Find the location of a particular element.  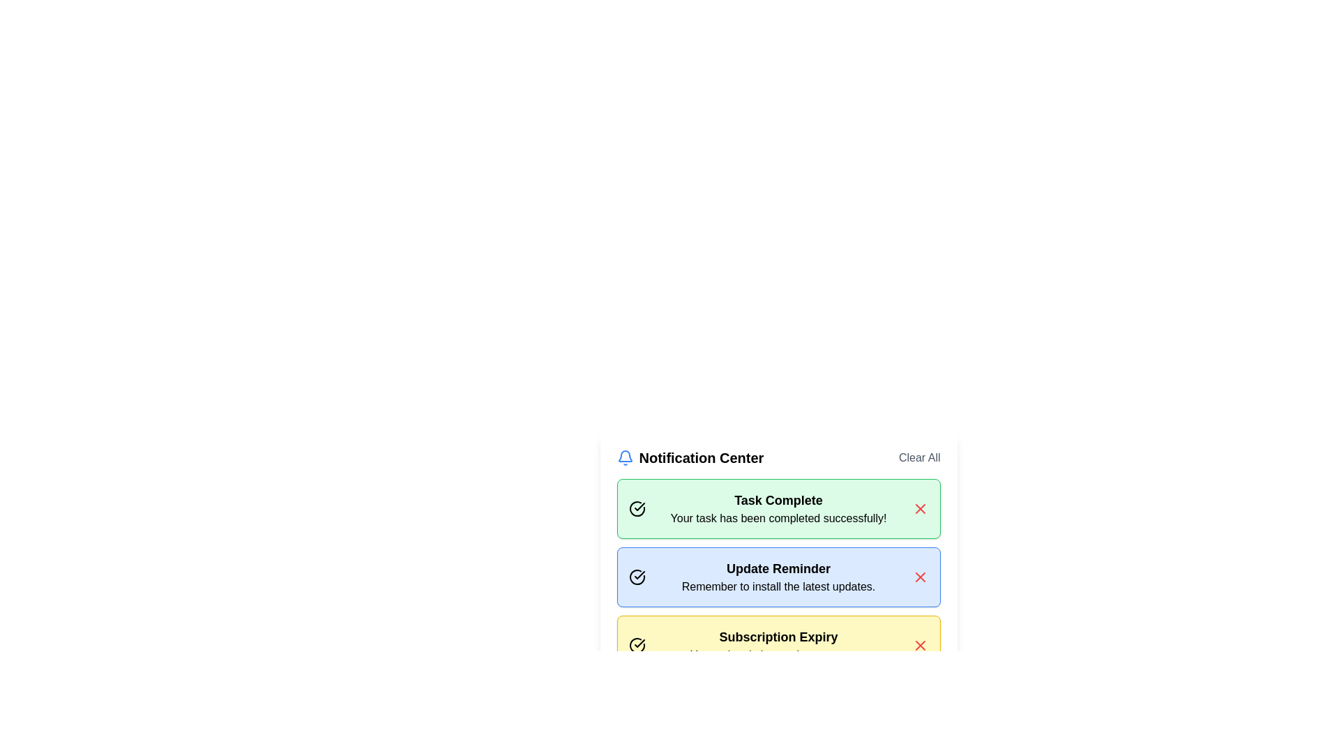

the title of the notification card regarding subscription expiration, located in the Notification Center area is located at coordinates (778, 637).